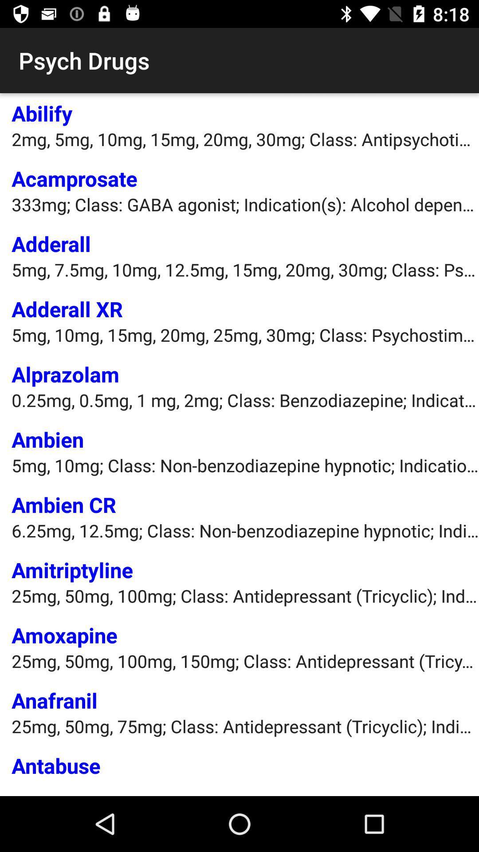 The height and width of the screenshot is (852, 479). What do you see at coordinates (56, 765) in the screenshot?
I see `the antabuse app` at bounding box center [56, 765].